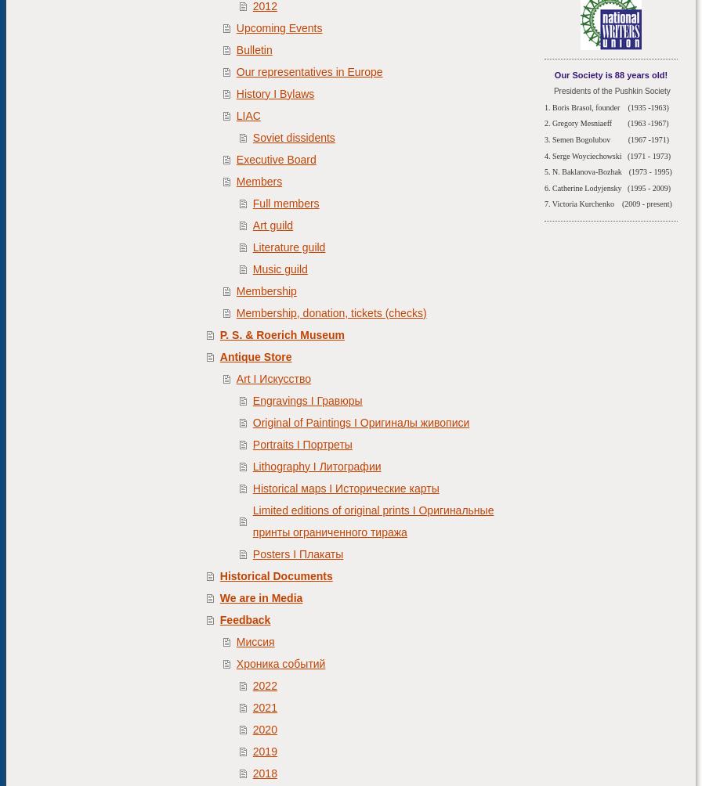 The image size is (702, 786). What do you see at coordinates (331, 311) in the screenshot?
I see `'Membership, donation, tickets (checks)'` at bounding box center [331, 311].